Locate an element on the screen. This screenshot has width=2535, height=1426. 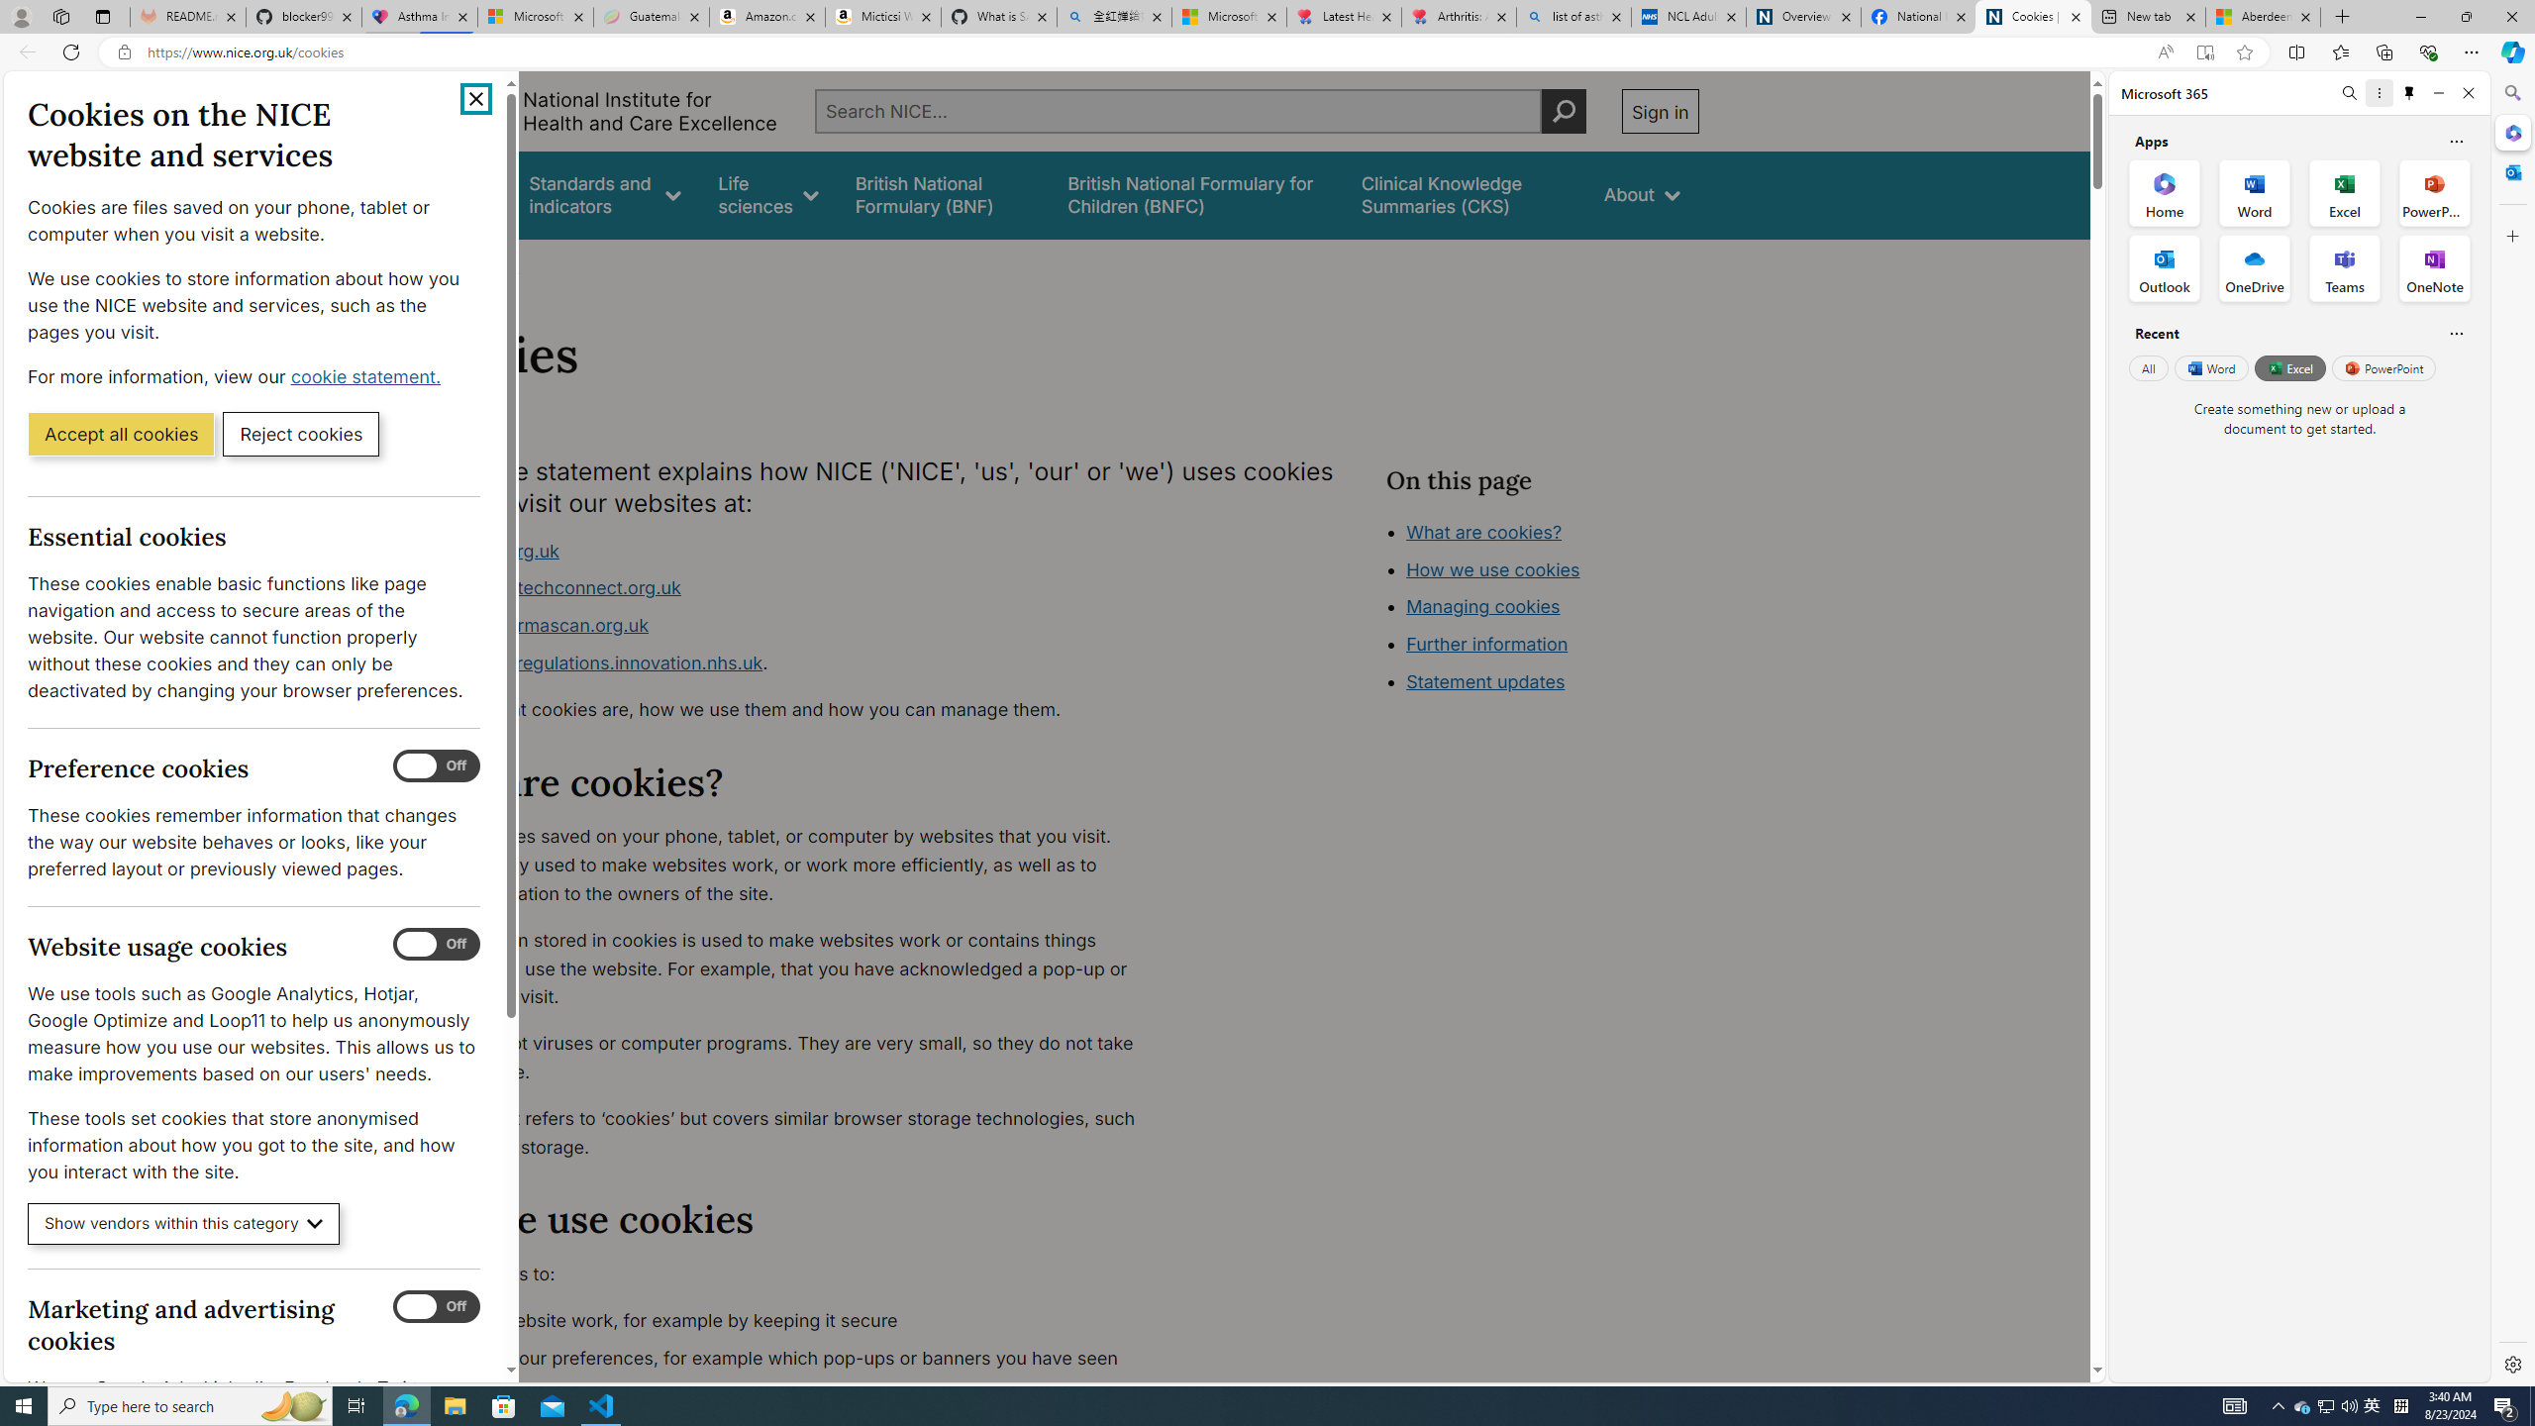
'PowerPoint' is located at coordinates (2383, 367).